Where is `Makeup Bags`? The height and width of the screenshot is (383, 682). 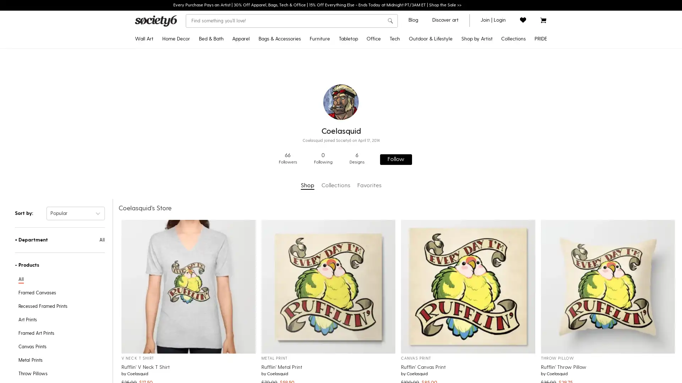
Makeup Bags is located at coordinates (285, 125).